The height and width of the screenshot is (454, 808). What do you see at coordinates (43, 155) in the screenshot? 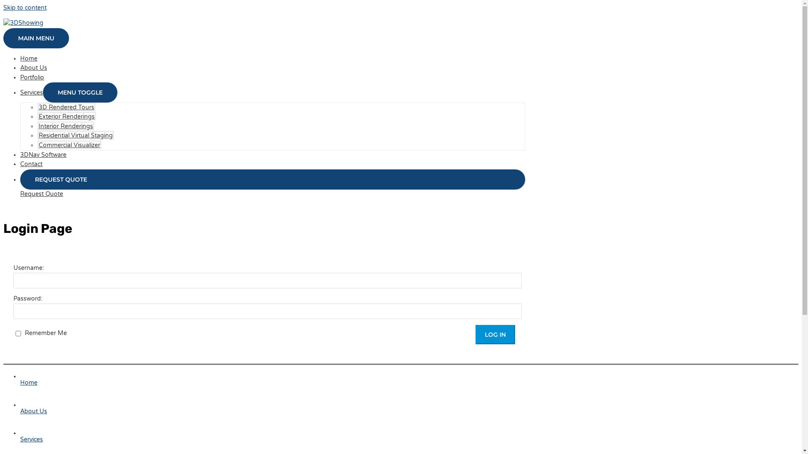
I see `'3DNav Software'` at bounding box center [43, 155].